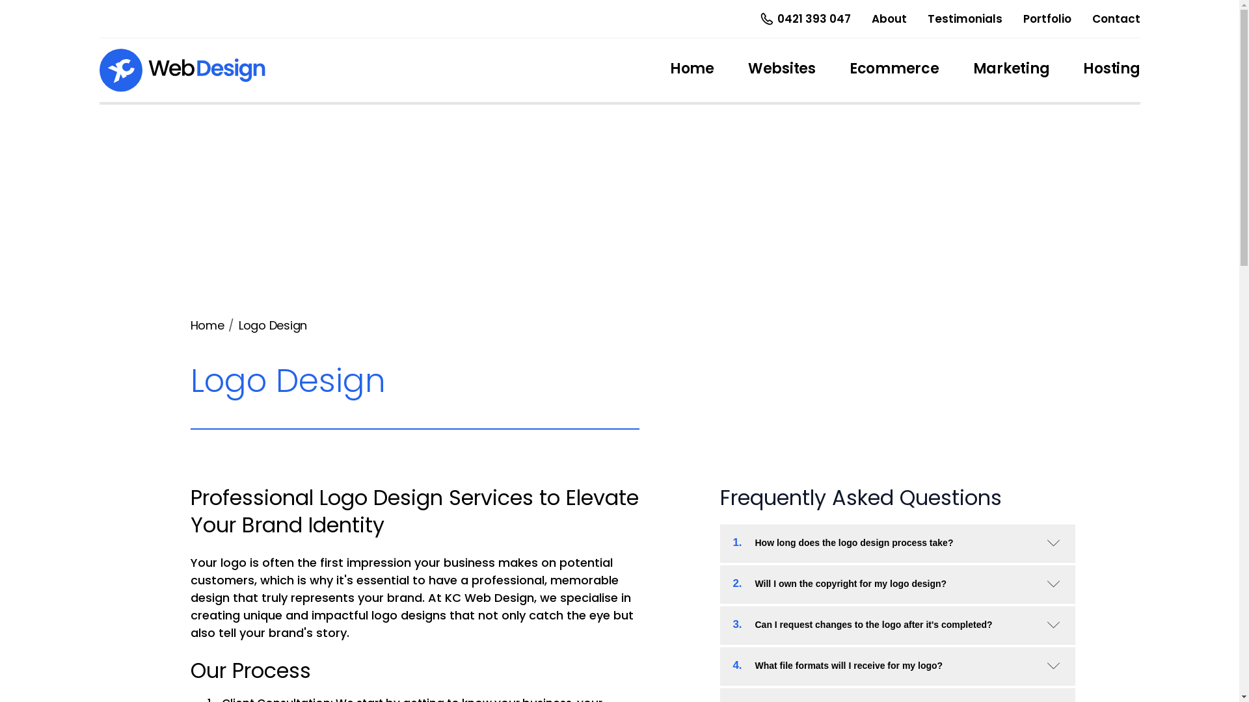  Describe the element at coordinates (965, 18) in the screenshot. I see `'Testimonials'` at that location.